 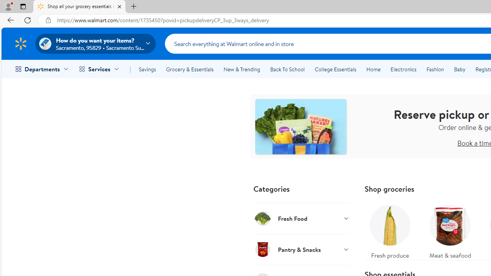 I want to click on 'New & Trending', so click(x=242, y=69).